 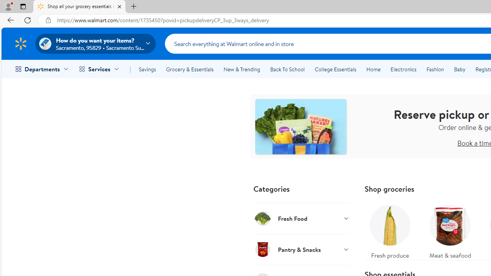 I want to click on 'New & Trending', so click(x=242, y=69).